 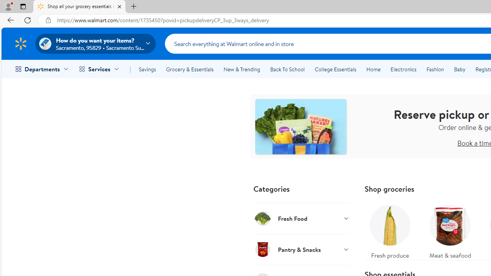 I want to click on 'New & Trending', so click(x=242, y=69).